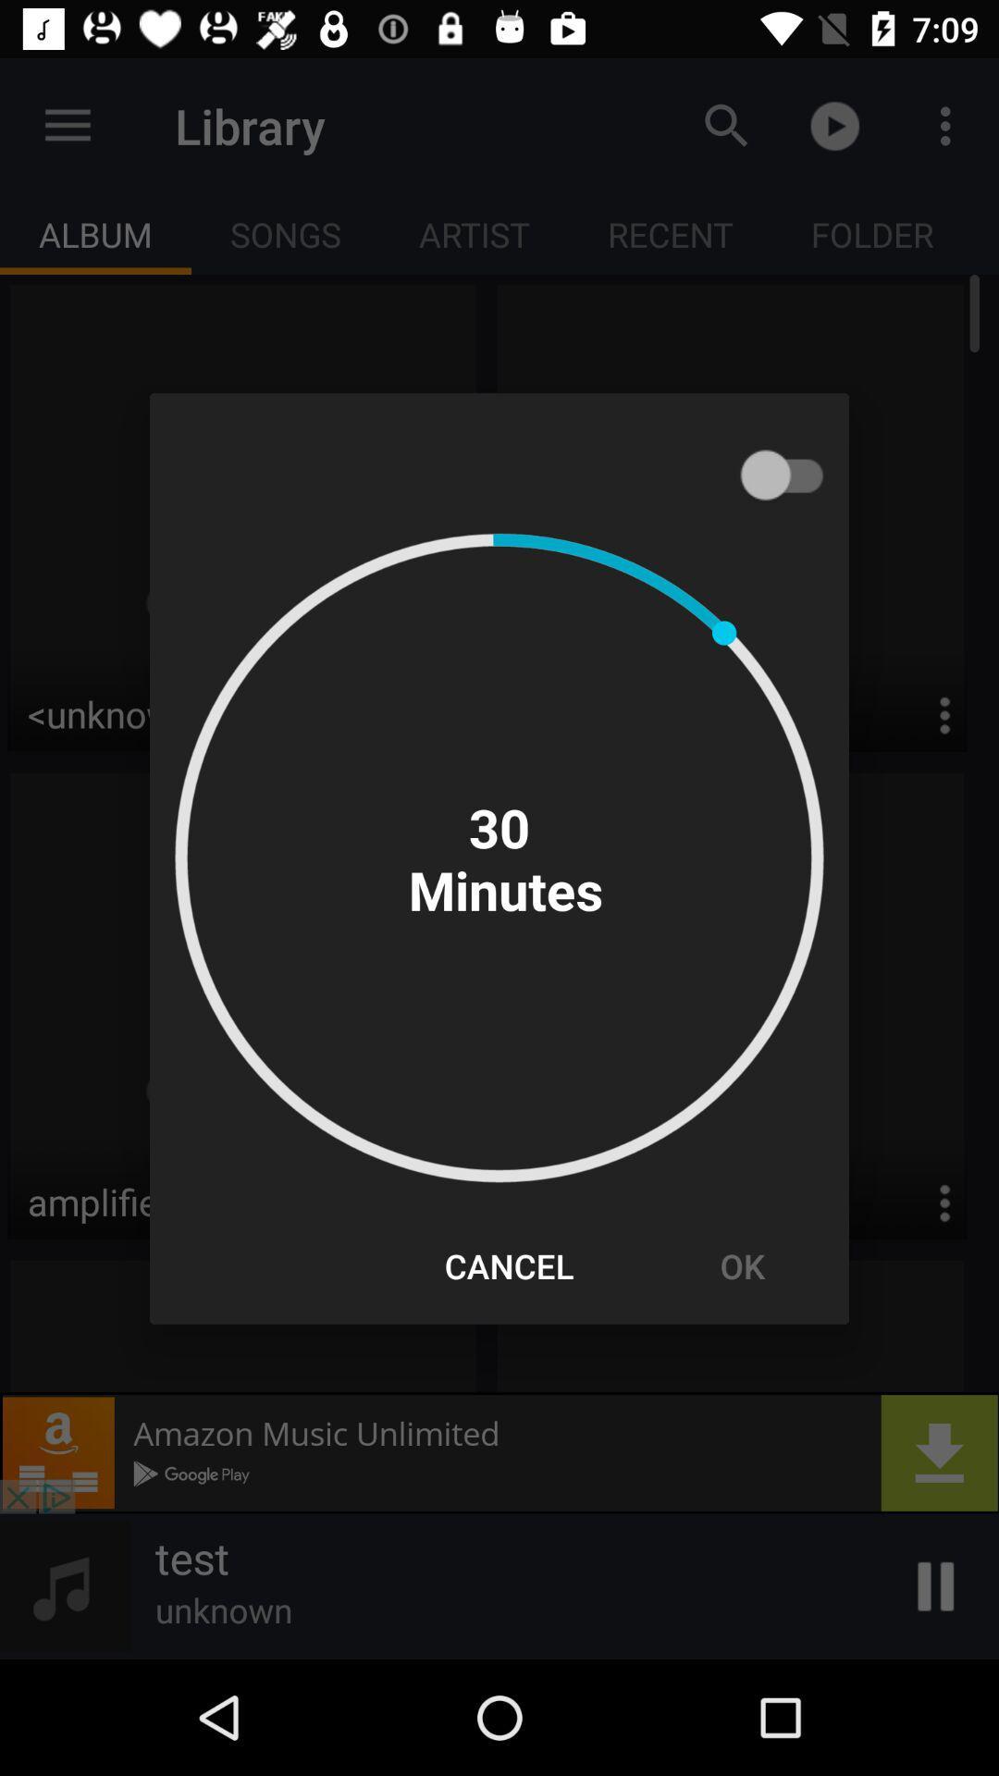 The width and height of the screenshot is (999, 1776). I want to click on the item next to the cancel icon, so click(741, 1264).